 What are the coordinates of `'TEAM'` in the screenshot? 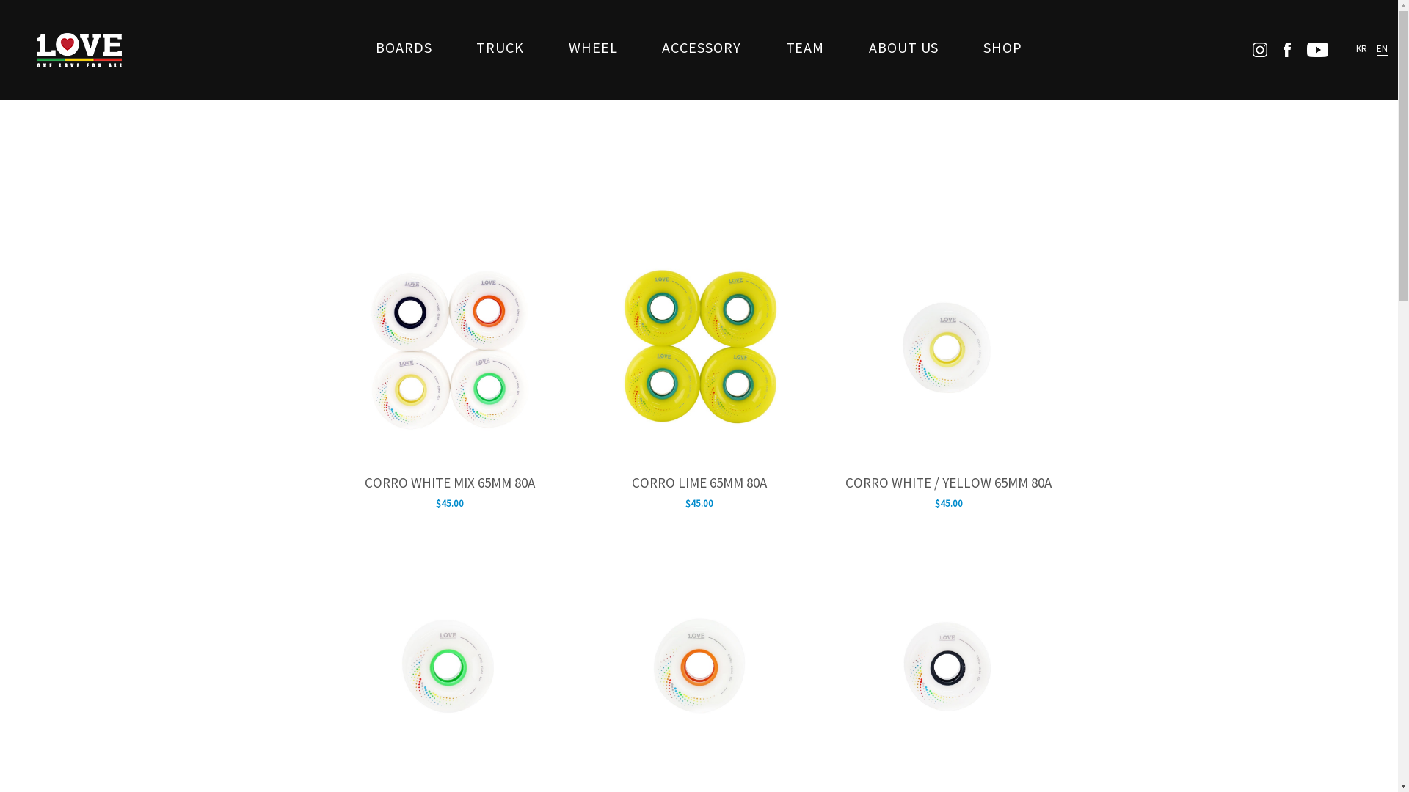 It's located at (804, 48).